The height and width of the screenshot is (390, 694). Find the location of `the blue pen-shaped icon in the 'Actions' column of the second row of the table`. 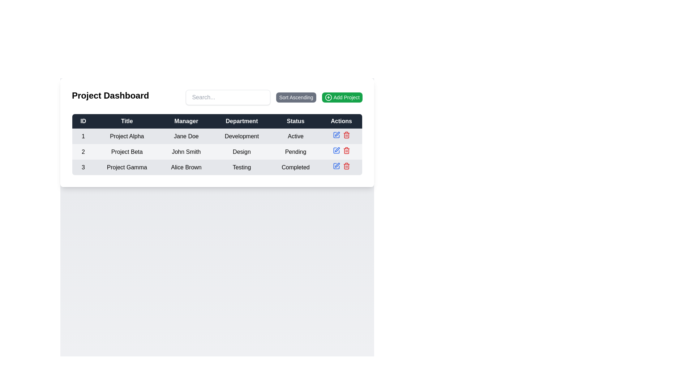

the blue pen-shaped icon in the 'Actions' column of the second row of the table is located at coordinates (336, 150).